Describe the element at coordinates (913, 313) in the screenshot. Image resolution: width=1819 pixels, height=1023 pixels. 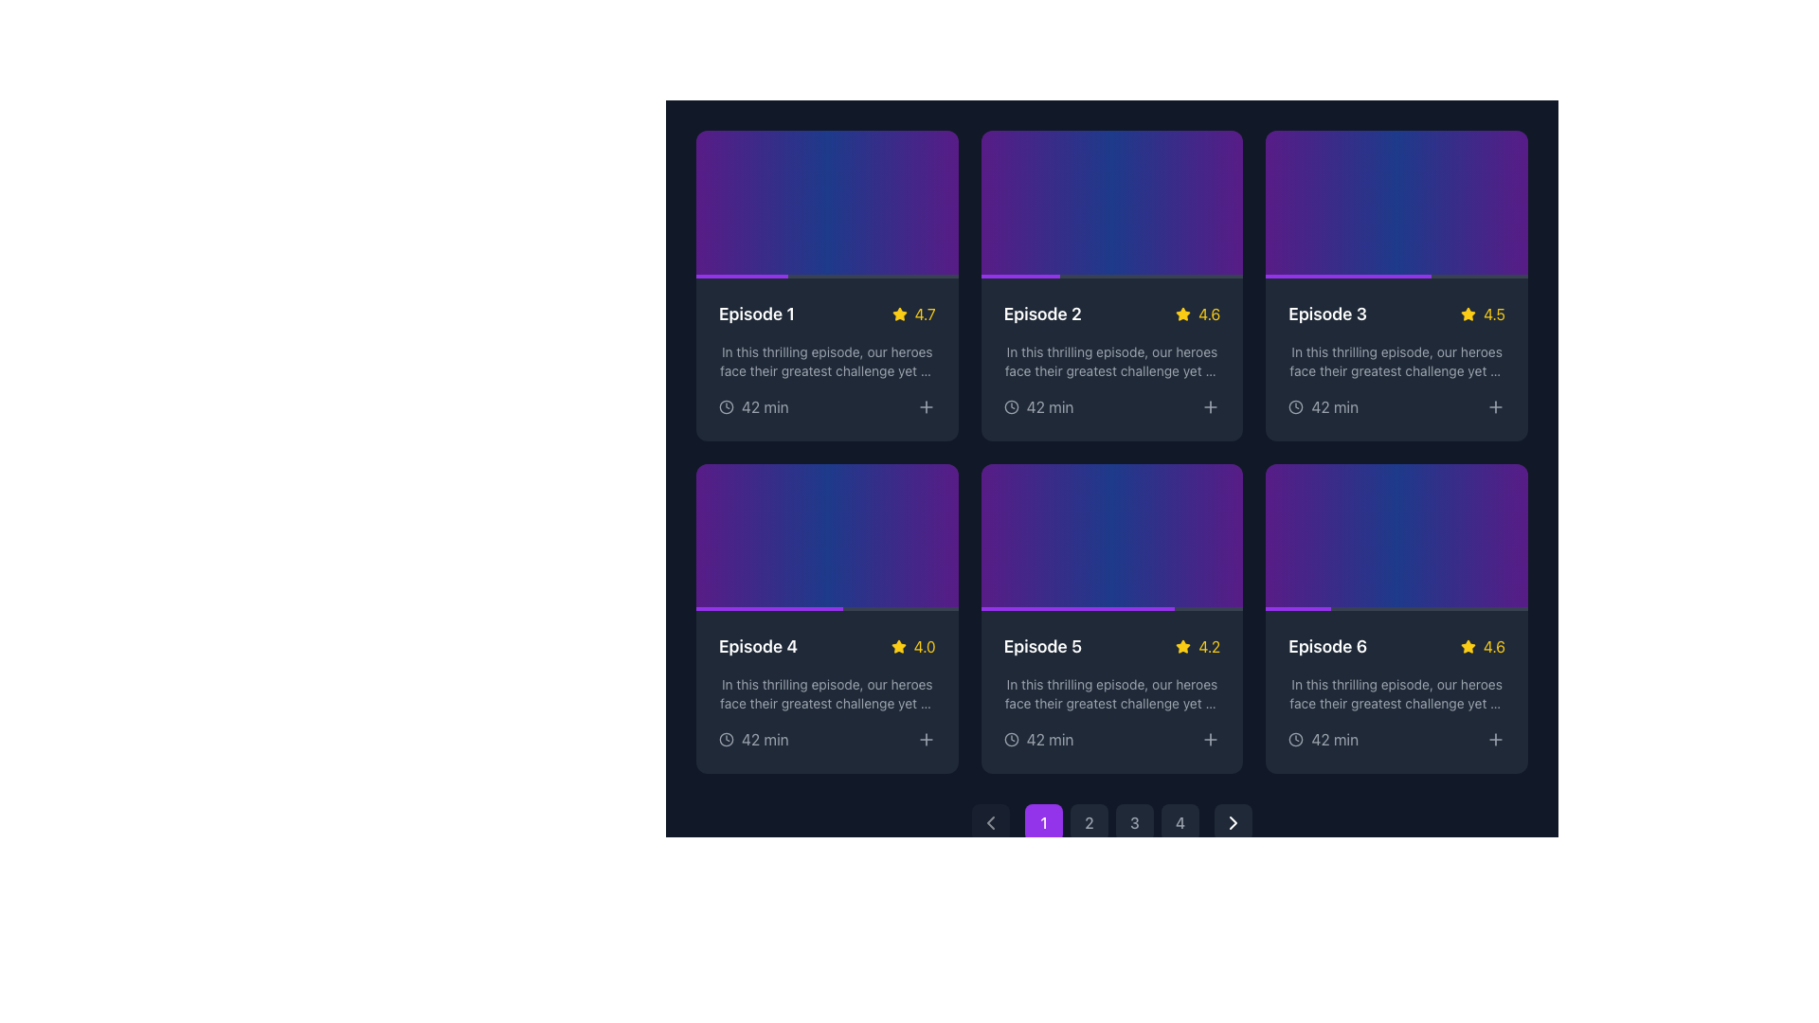
I see `the displayed rating of '4.7' on the yellow star icon in the rating section of Episode 1, located at the top-right corner of the card` at that location.